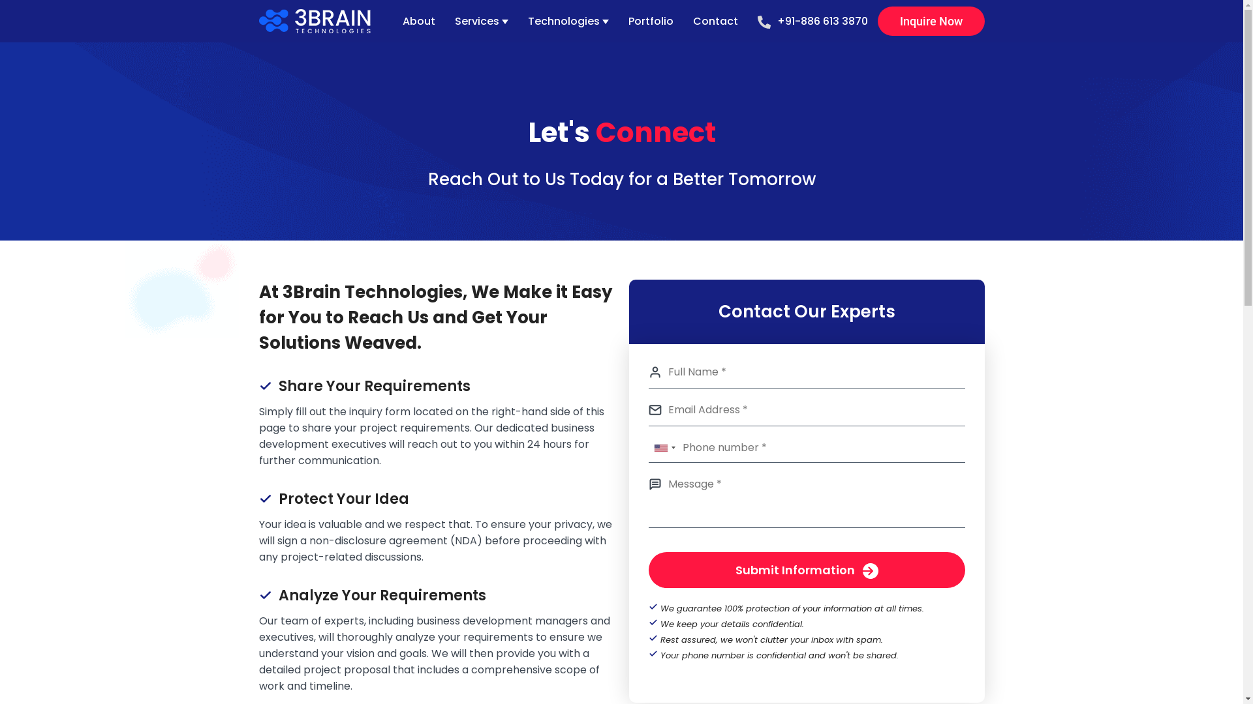  I want to click on 'Contact', so click(715, 21).